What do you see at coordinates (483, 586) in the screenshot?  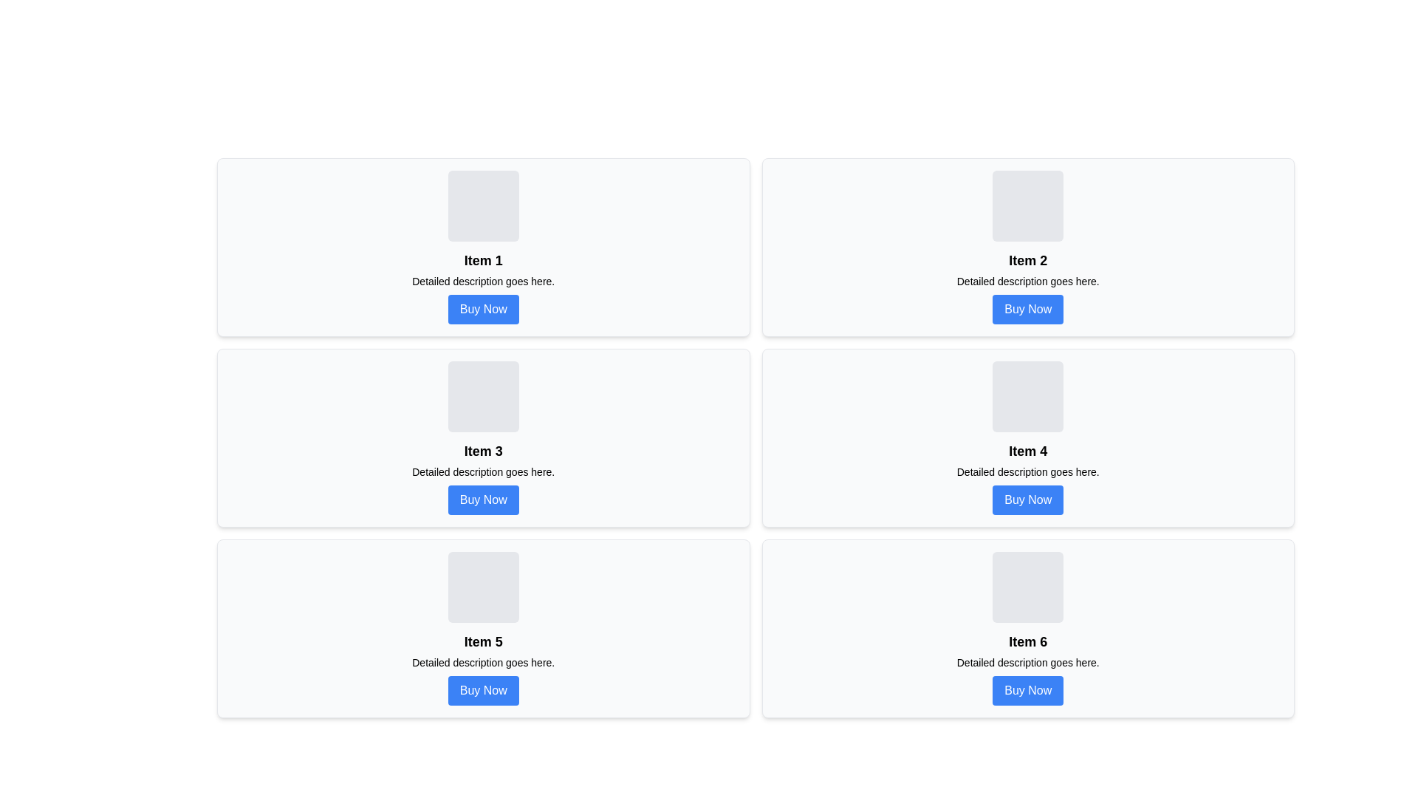 I see `the visual placeholder or decorative block for the card labeled 'Item 5', which is positioned at the upper section of the card` at bounding box center [483, 586].